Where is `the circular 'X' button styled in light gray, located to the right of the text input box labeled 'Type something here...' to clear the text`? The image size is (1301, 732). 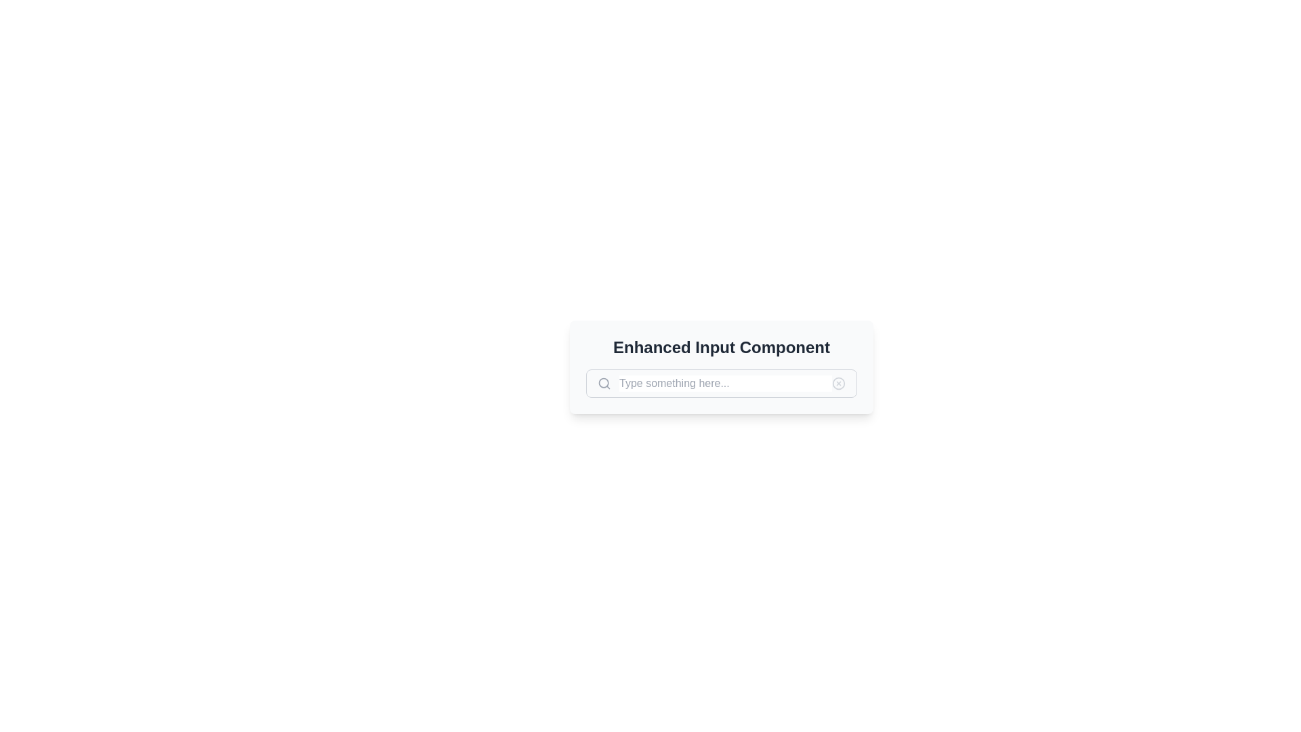
the circular 'X' button styled in light gray, located to the right of the text input box labeled 'Type something here...' to clear the text is located at coordinates (838, 384).